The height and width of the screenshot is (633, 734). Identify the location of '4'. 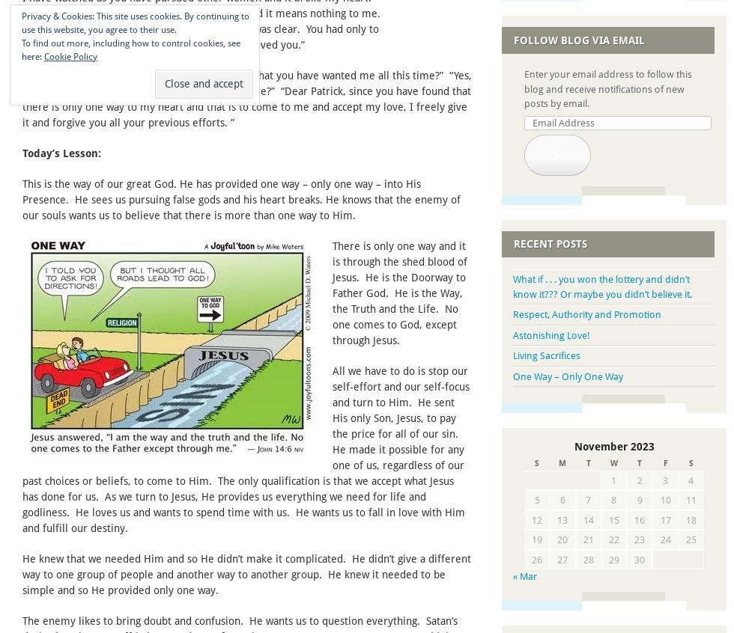
(688, 480).